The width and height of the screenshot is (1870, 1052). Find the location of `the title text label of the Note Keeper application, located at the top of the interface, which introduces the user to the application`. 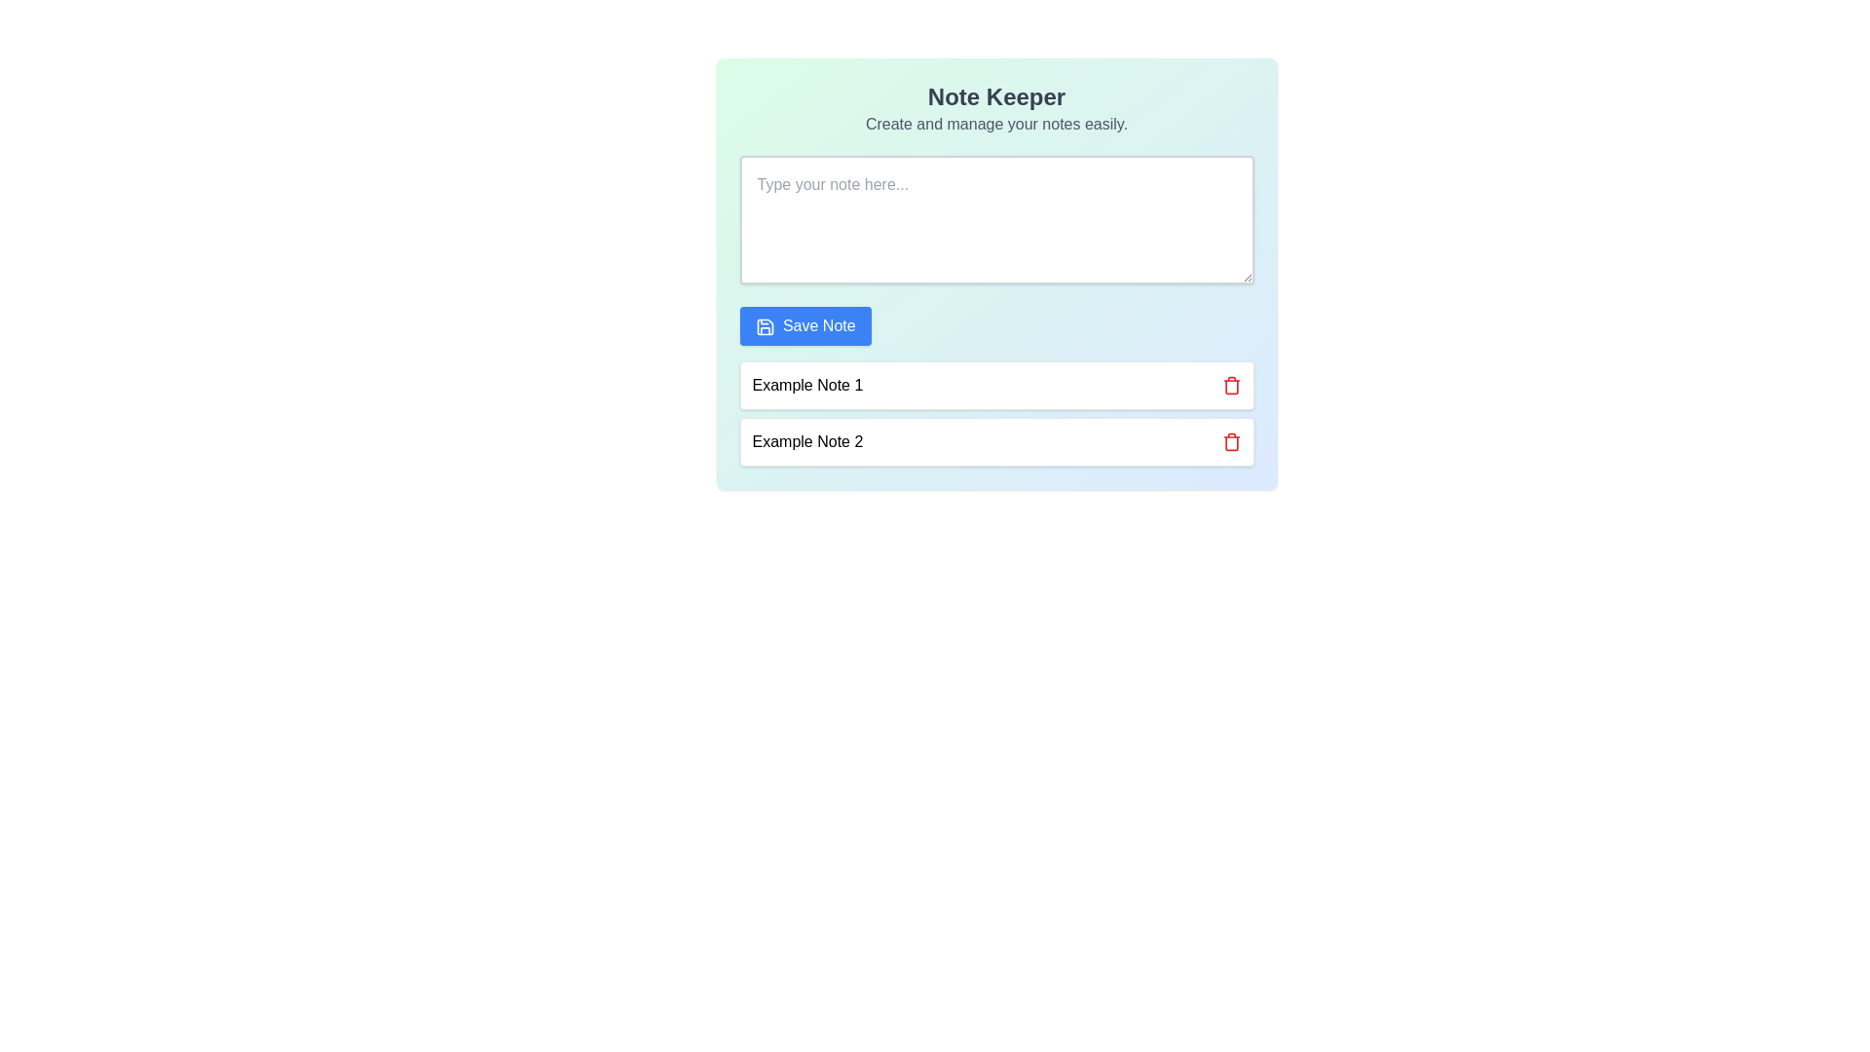

the title text label of the Note Keeper application, located at the top of the interface, which introduces the user to the application is located at coordinates (996, 97).